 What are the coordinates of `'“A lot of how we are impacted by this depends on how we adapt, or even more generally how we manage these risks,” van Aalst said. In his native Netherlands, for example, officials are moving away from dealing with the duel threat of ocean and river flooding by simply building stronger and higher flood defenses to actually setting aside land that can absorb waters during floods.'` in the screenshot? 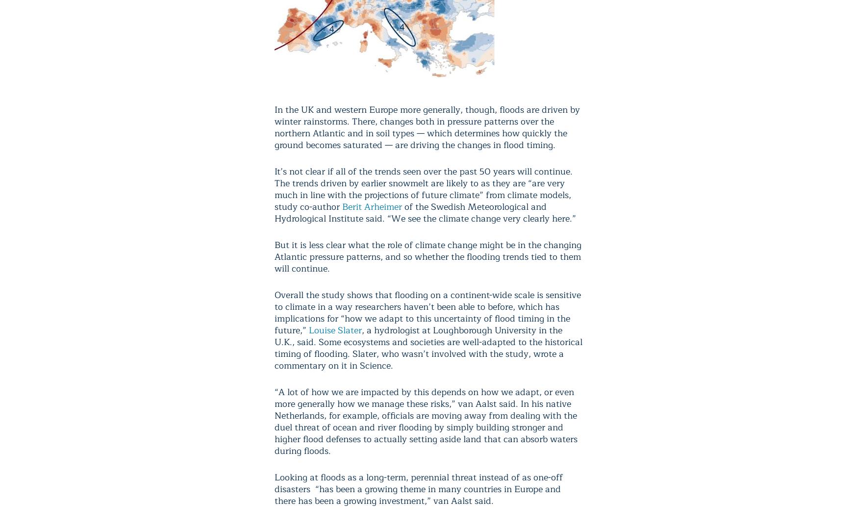 It's located at (426, 421).